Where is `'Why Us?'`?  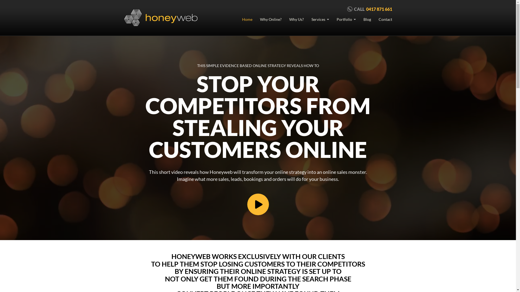 'Why Us?' is located at coordinates (296, 19).